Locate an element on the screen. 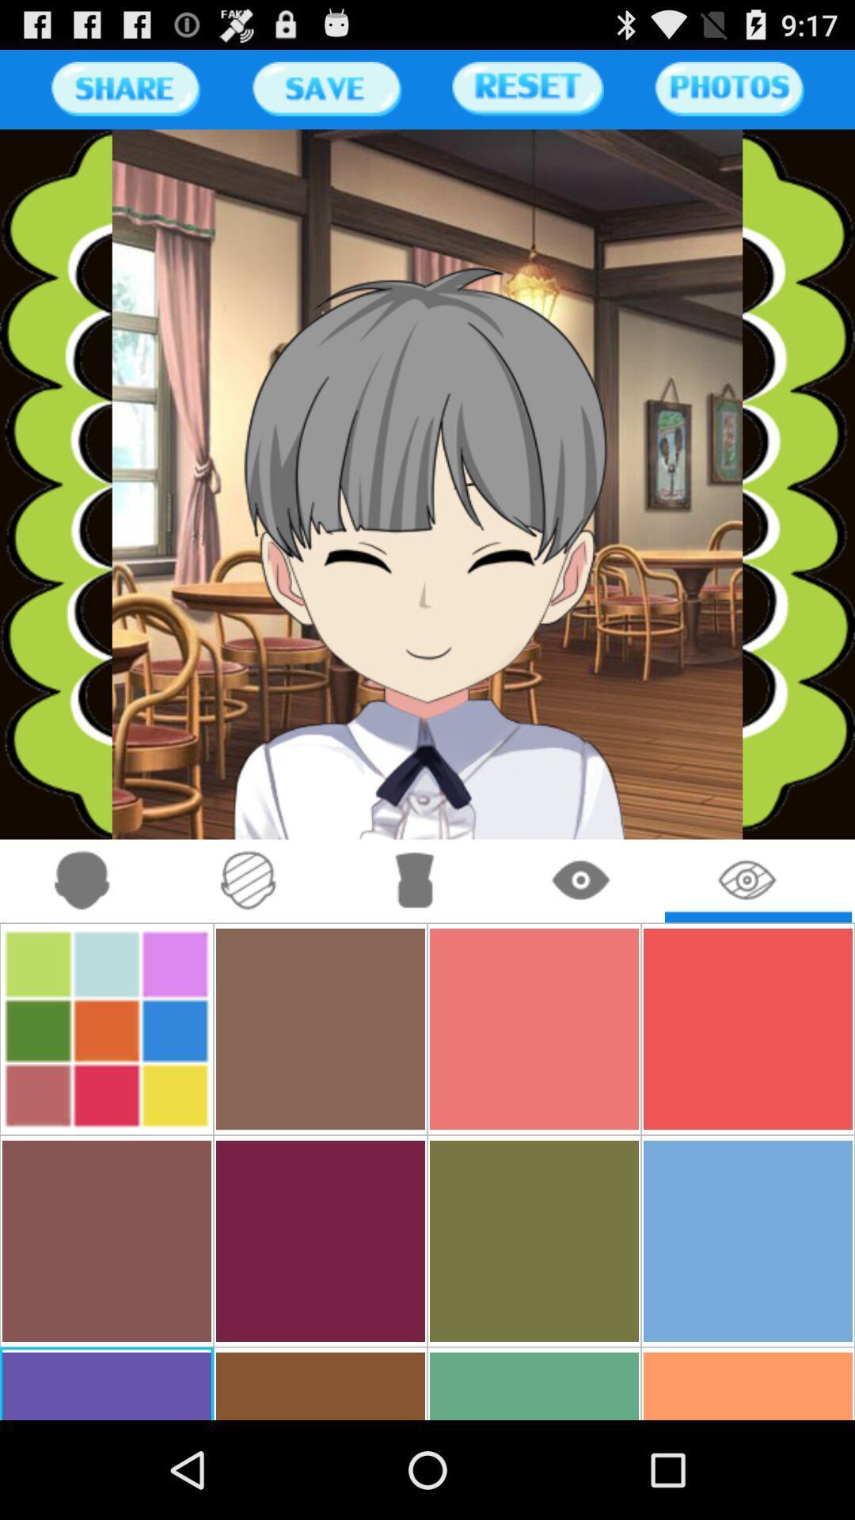  eye color is located at coordinates (748, 880).